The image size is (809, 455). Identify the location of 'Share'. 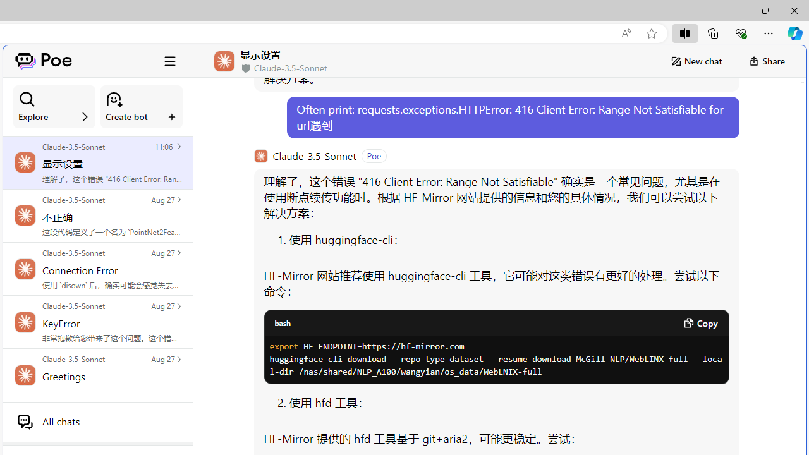
(766, 61).